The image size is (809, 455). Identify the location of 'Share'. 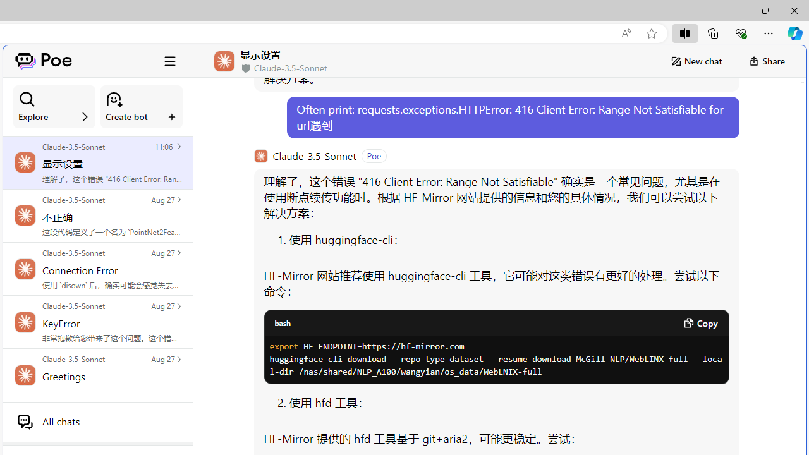
(766, 61).